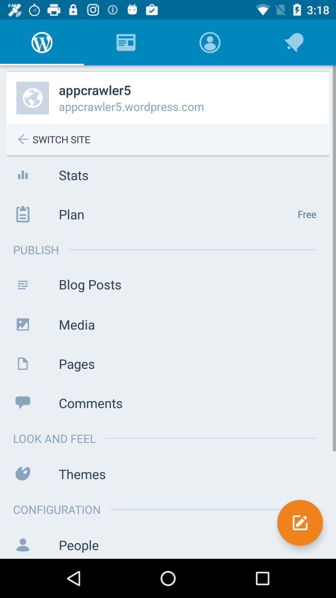 The width and height of the screenshot is (336, 598). I want to click on the icon to the right of the configuration icon, so click(300, 523).